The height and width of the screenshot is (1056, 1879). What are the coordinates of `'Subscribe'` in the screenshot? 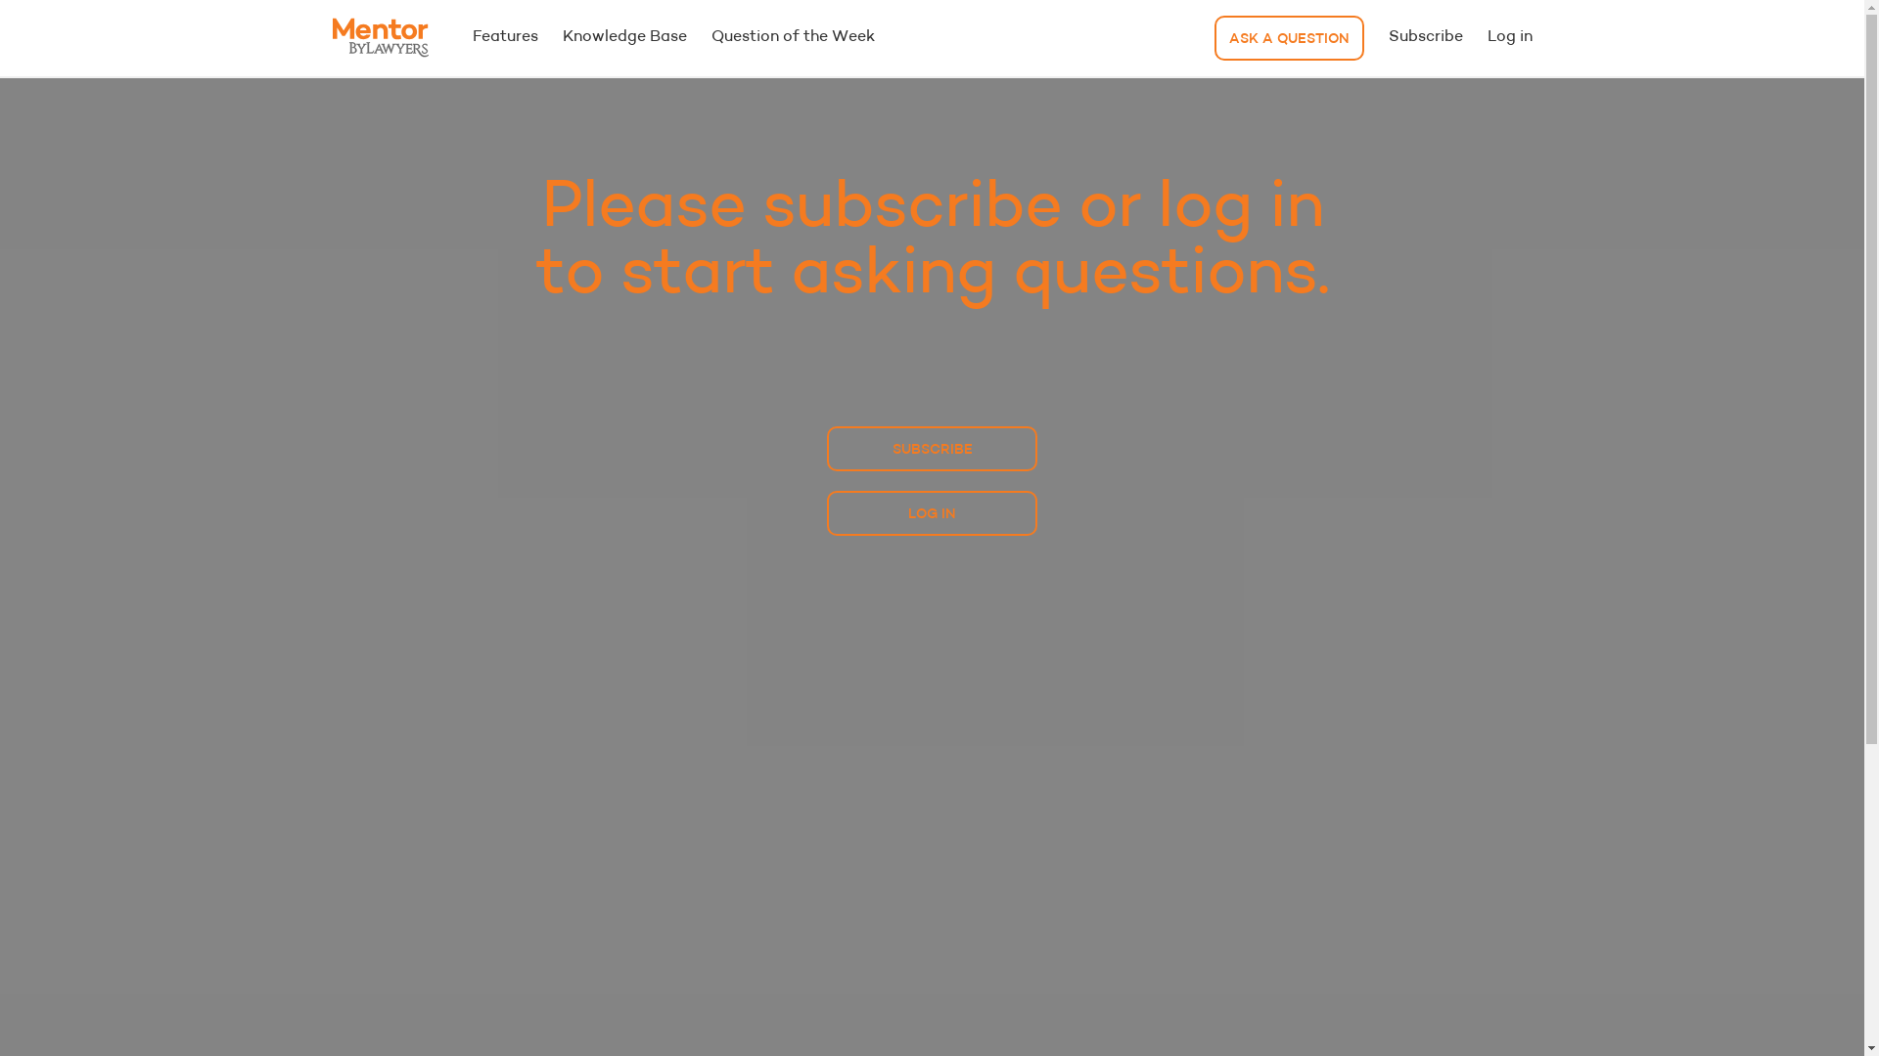 It's located at (1386, 37).